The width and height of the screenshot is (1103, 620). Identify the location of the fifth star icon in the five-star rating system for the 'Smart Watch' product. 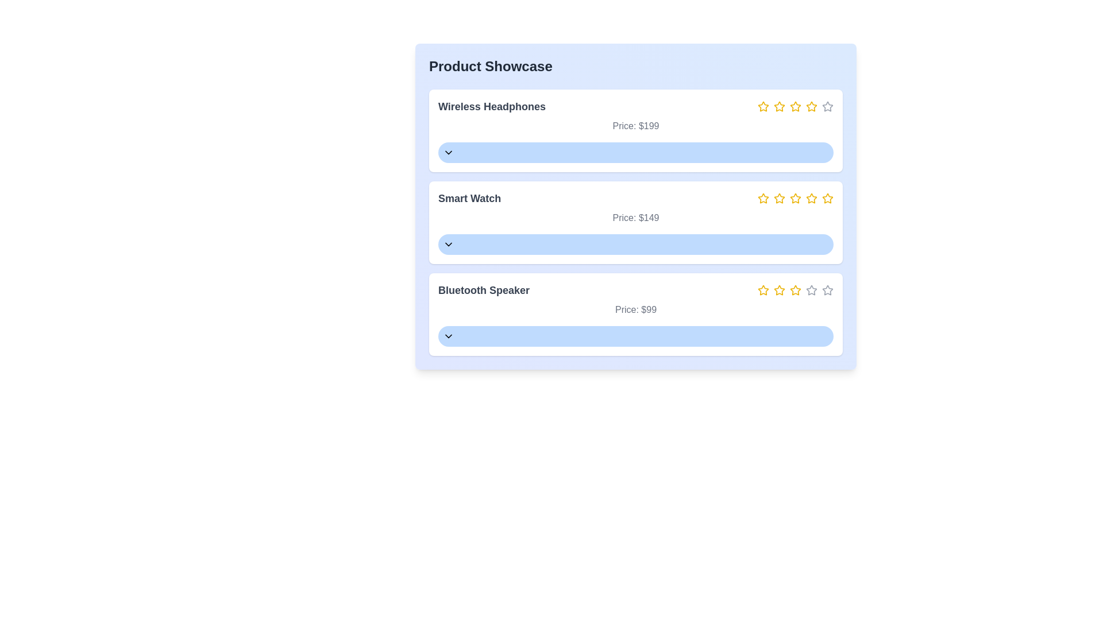
(811, 198).